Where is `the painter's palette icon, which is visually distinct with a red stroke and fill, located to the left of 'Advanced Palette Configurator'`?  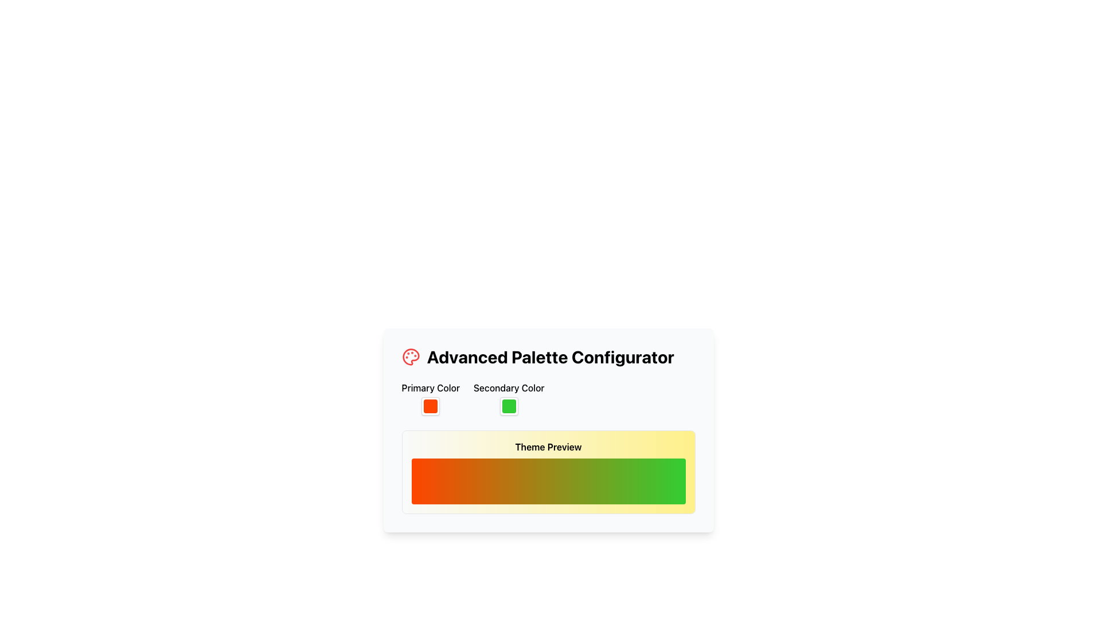 the painter's palette icon, which is visually distinct with a red stroke and fill, located to the left of 'Advanced Palette Configurator' is located at coordinates (411, 356).